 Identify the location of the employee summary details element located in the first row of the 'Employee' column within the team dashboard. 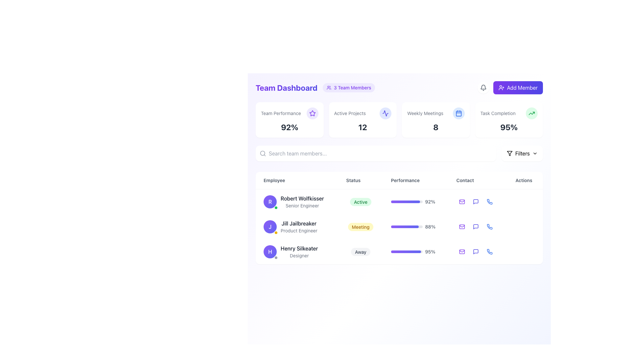
(296, 201).